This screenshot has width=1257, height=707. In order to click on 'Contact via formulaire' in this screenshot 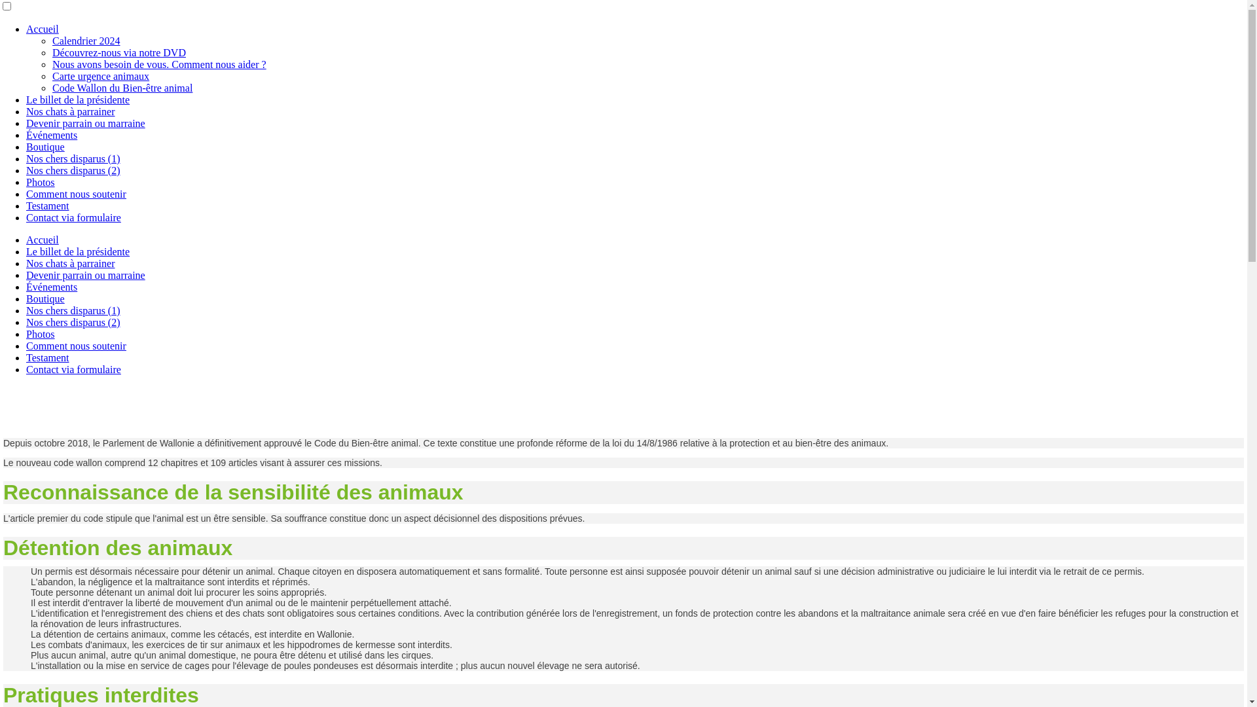, I will do `click(26, 369)`.